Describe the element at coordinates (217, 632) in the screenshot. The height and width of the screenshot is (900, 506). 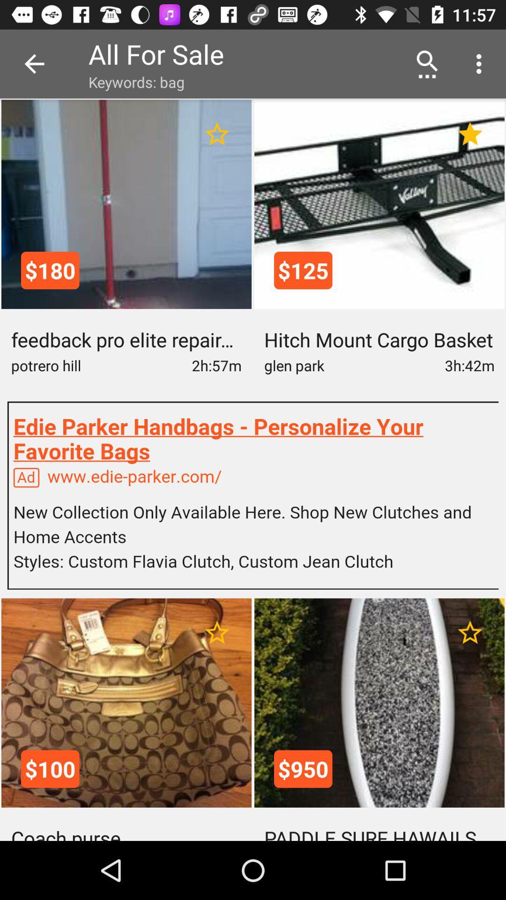
I see `the rating` at that location.